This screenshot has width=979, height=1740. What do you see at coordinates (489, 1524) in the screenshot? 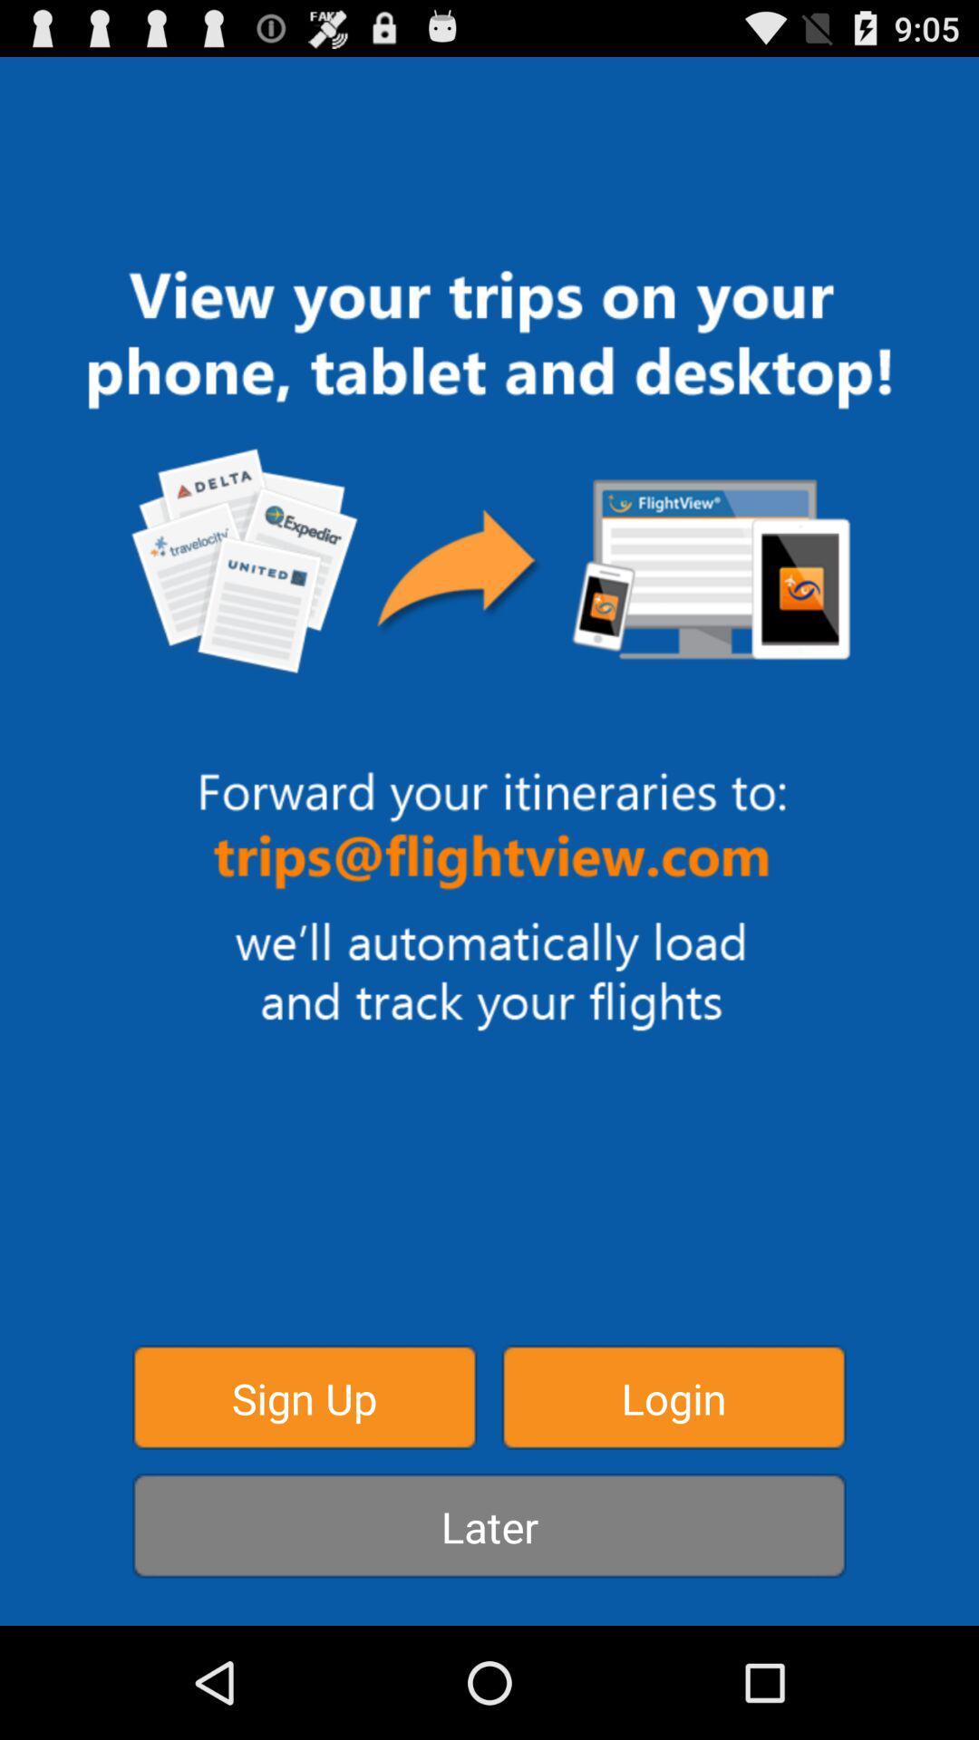
I see `button at the bottom` at bounding box center [489, 1524].